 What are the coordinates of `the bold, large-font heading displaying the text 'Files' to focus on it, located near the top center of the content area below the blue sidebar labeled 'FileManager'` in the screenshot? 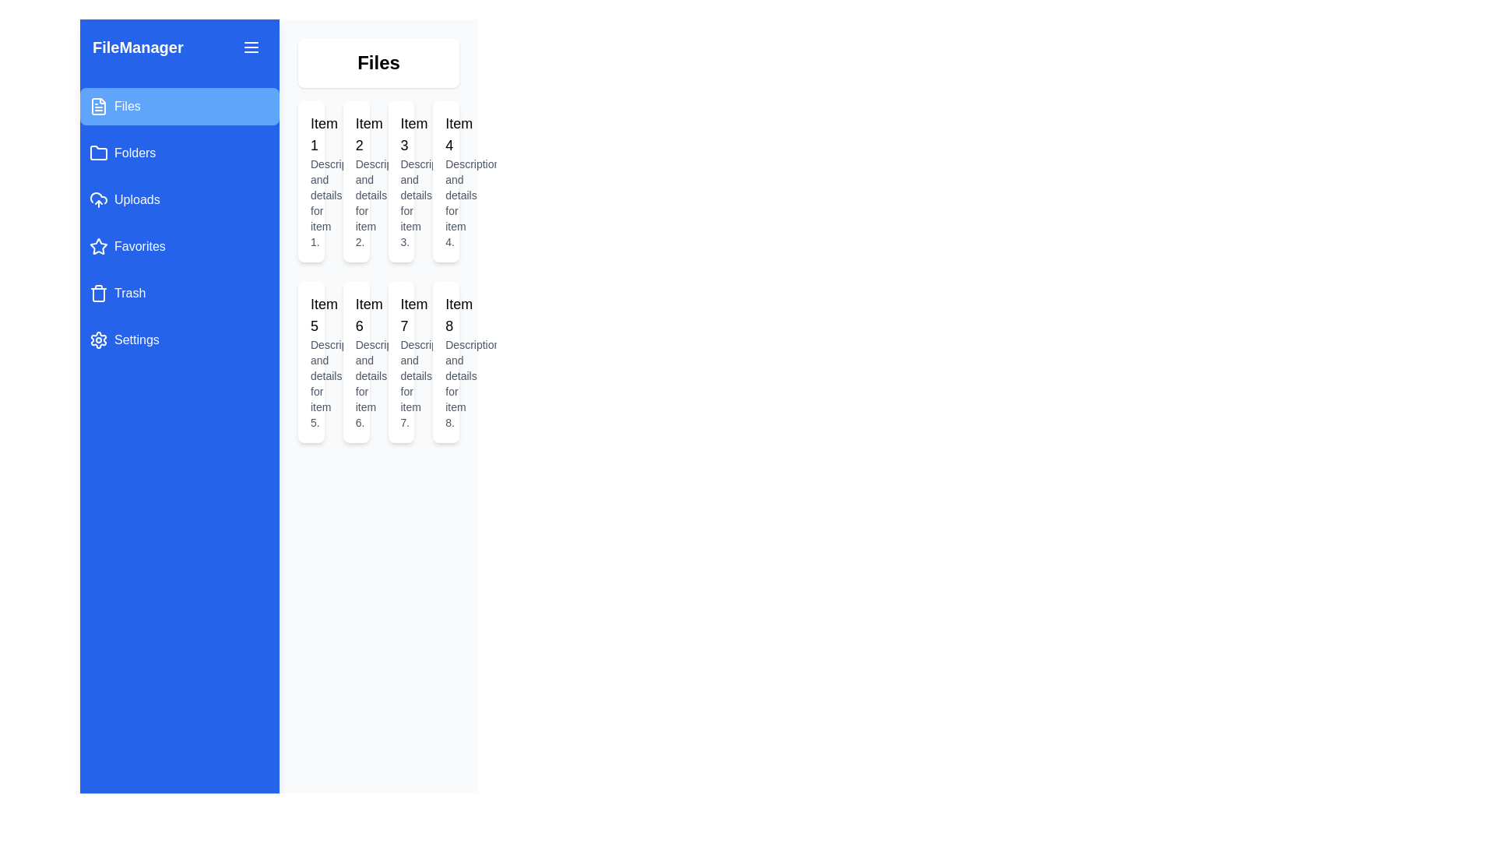 It's located at (378, 62).